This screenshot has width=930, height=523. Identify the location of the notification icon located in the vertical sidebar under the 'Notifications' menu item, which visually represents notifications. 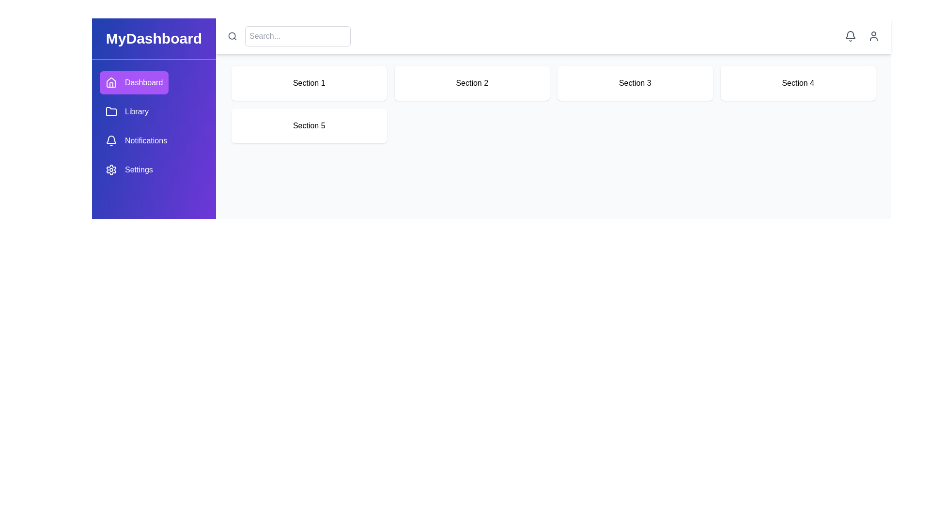
(111, 139).